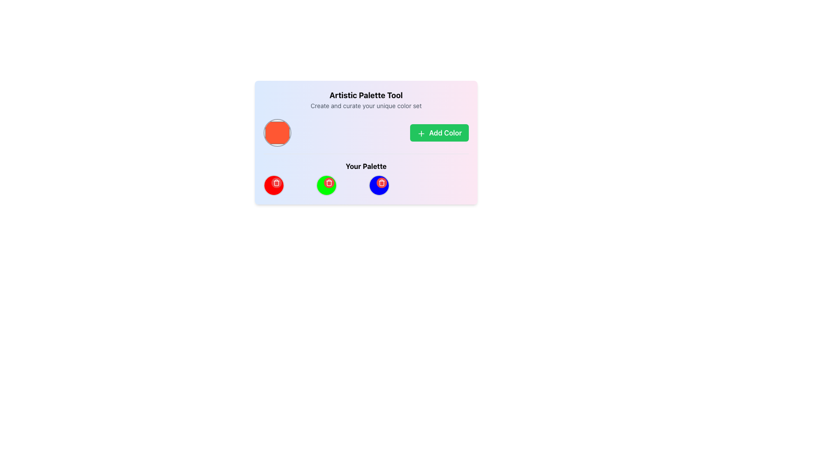 The height and width of the screenshot is (469, 835). What do you see at coordinates (421, 133) in the screenshot?
I see `the '+' icon within the 'Add Color' green rectangular button located at the top right corner of the palette tool interface` at bounding box center [421, 133].